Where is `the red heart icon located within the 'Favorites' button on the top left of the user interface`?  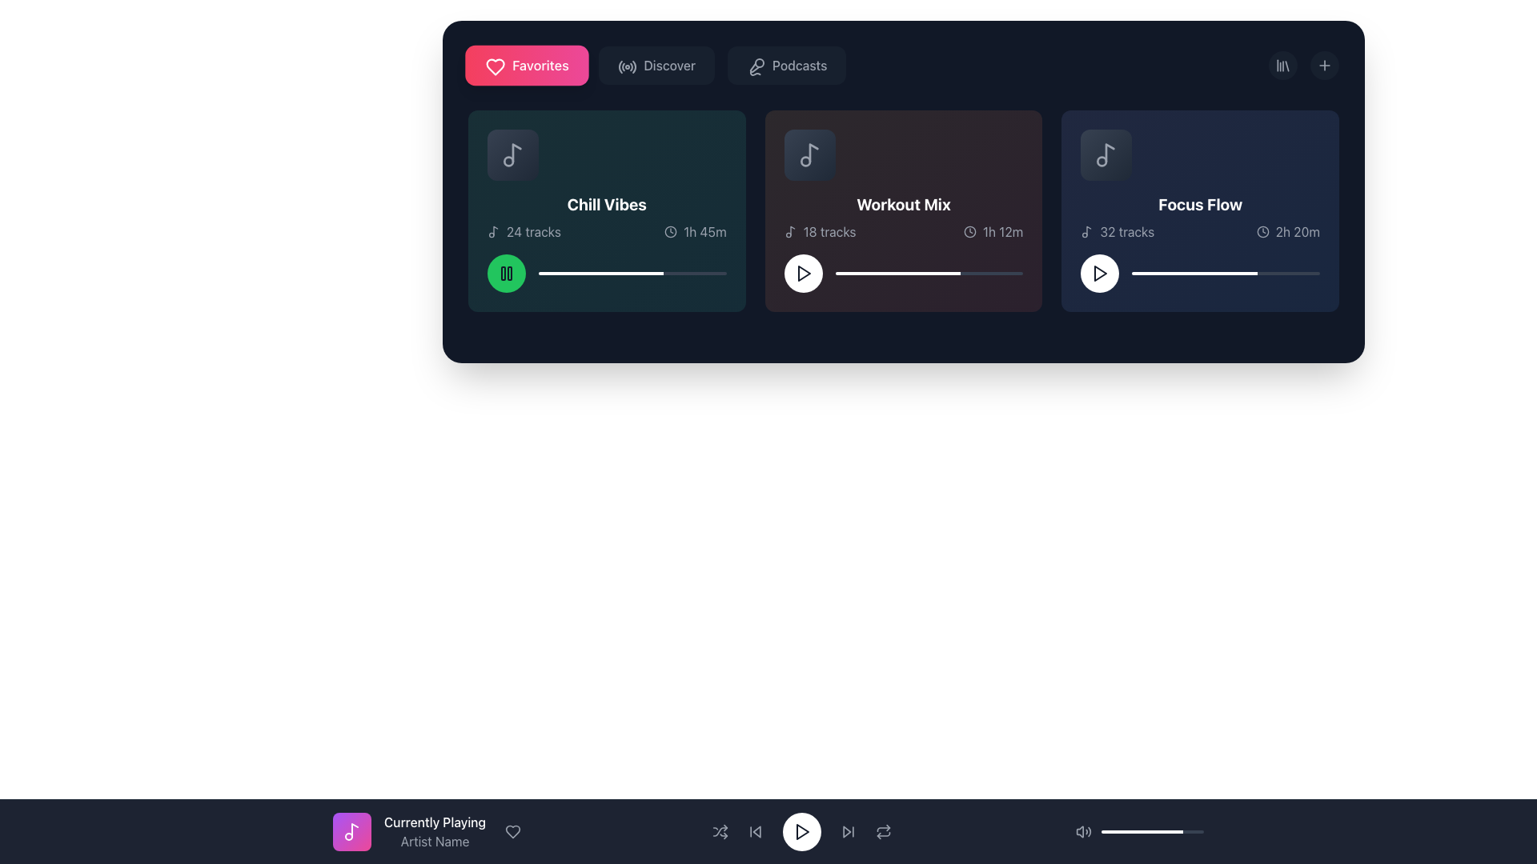 the red heart icon located within the 'Favorites' button on the top left of the user interface is located at coordinates (495, 66).